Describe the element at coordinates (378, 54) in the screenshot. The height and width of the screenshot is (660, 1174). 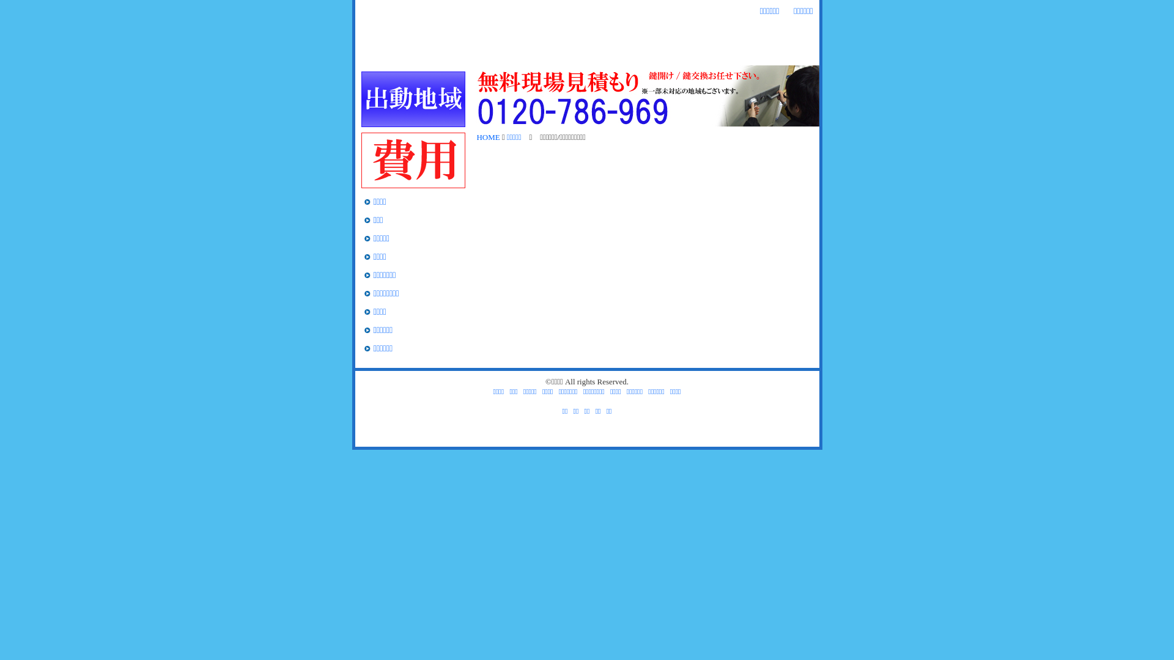
I see `'HOME'` at that location.